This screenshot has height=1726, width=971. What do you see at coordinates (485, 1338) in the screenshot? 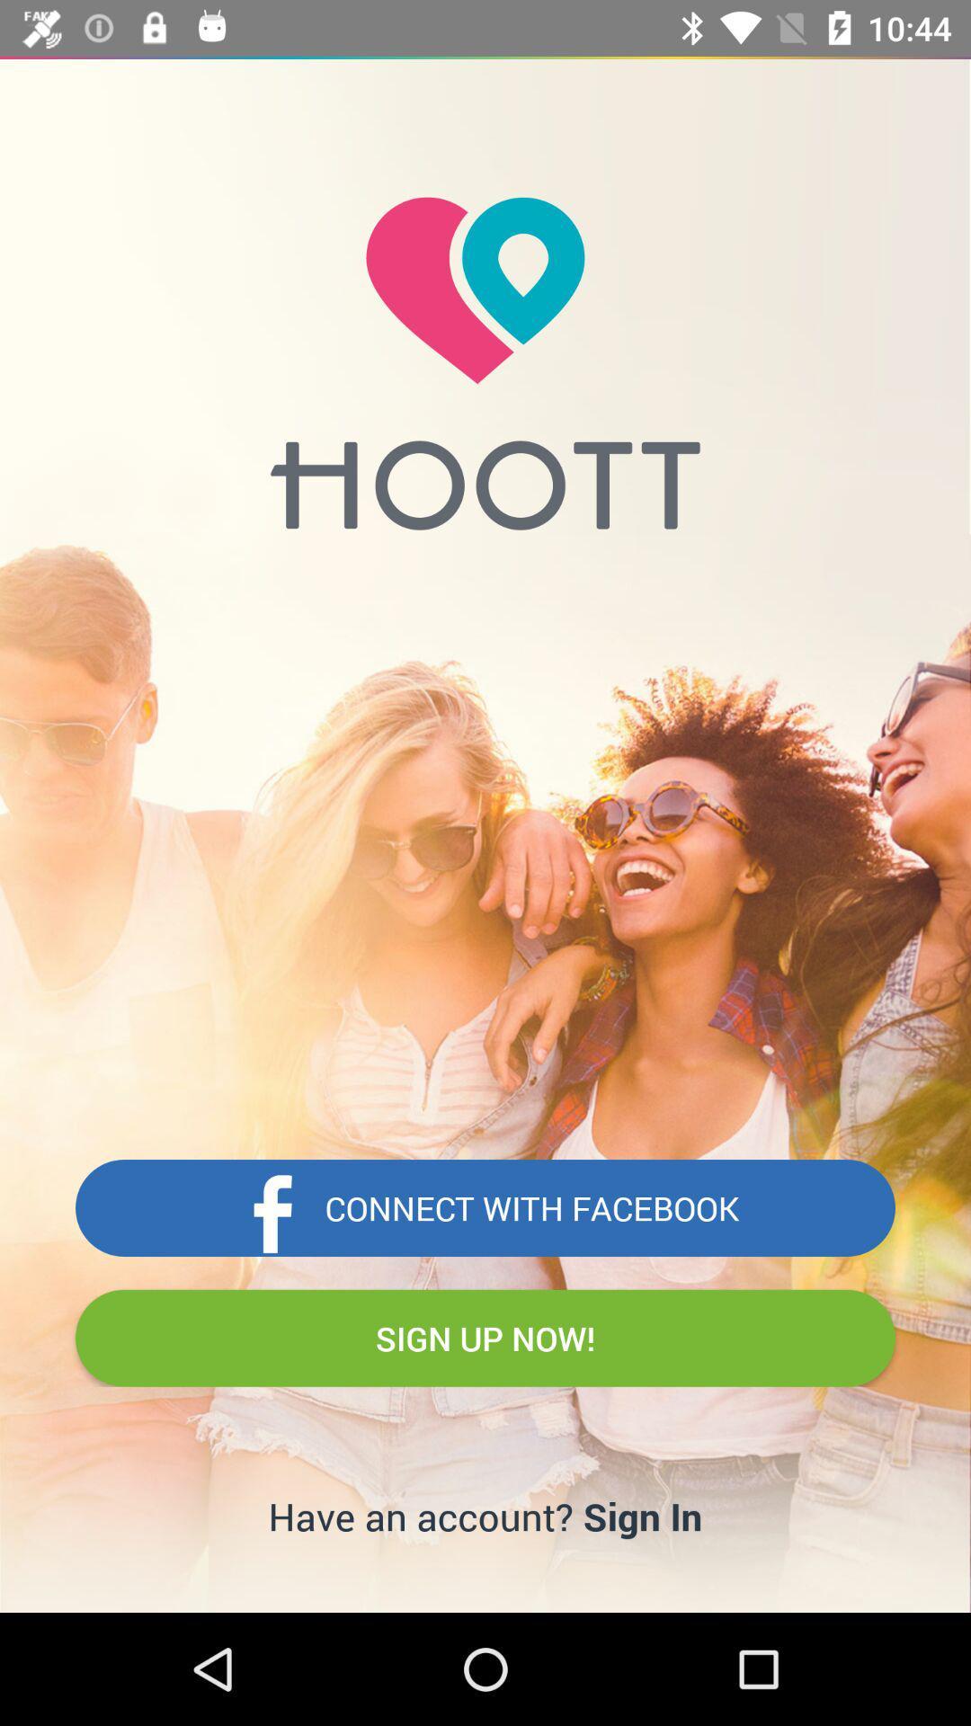
I see `icon above have an account?` at bounding box center [485, 1338].